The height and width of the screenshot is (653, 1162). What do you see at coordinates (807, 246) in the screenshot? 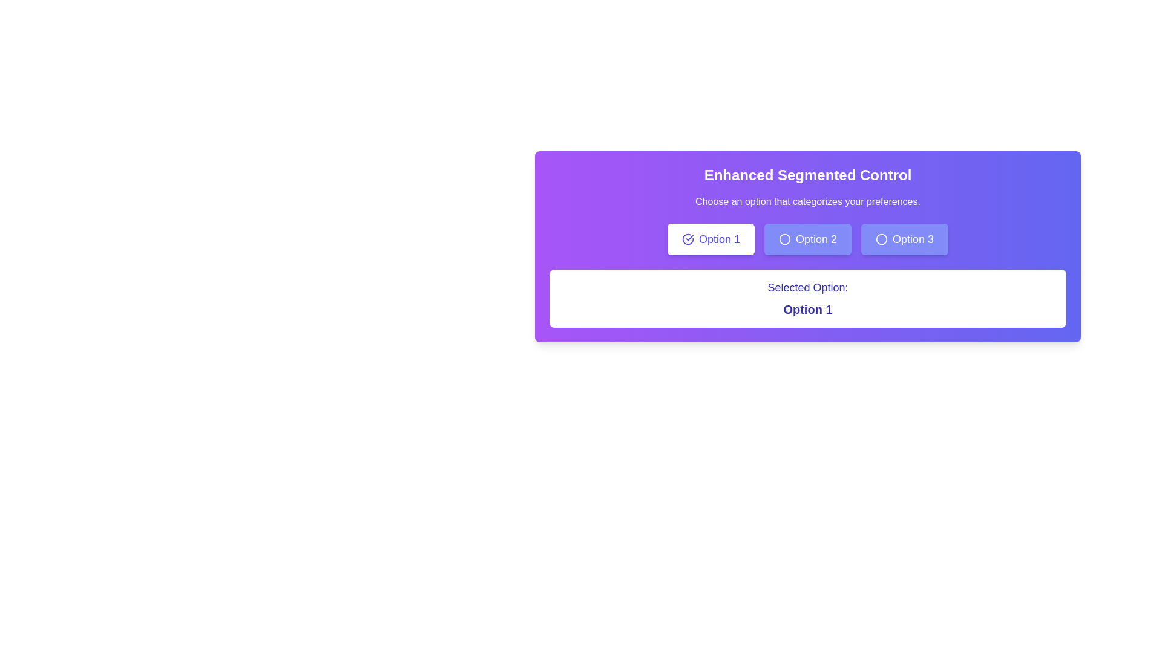
I see `the 'Option 1', 'Option 2', or 'Option 3' button in the Enhanced Segmented Control panel` at bounding box center [807, 246].